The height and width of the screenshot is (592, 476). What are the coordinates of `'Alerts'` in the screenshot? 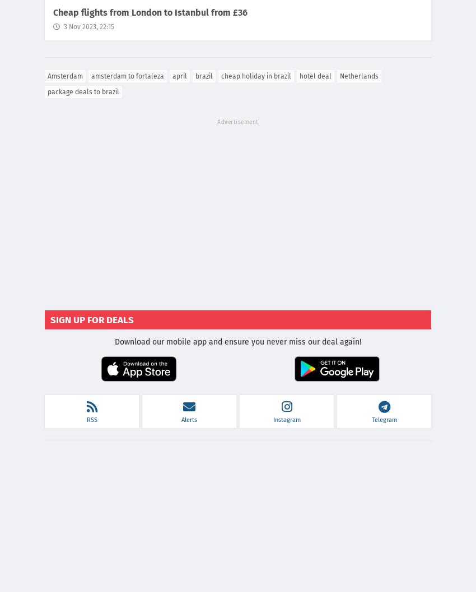 It's located at (189, 420).